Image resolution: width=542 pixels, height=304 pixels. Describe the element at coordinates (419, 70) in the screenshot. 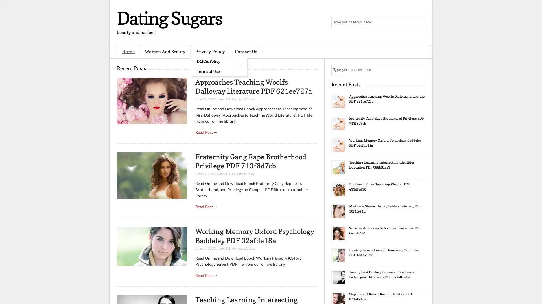

I see `Search` at that location.